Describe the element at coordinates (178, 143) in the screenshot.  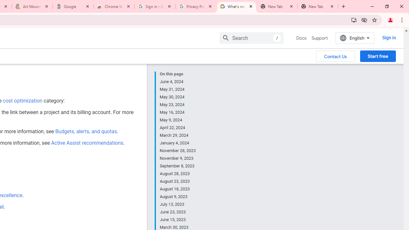
I see `'January 4, 2024'` at that location.